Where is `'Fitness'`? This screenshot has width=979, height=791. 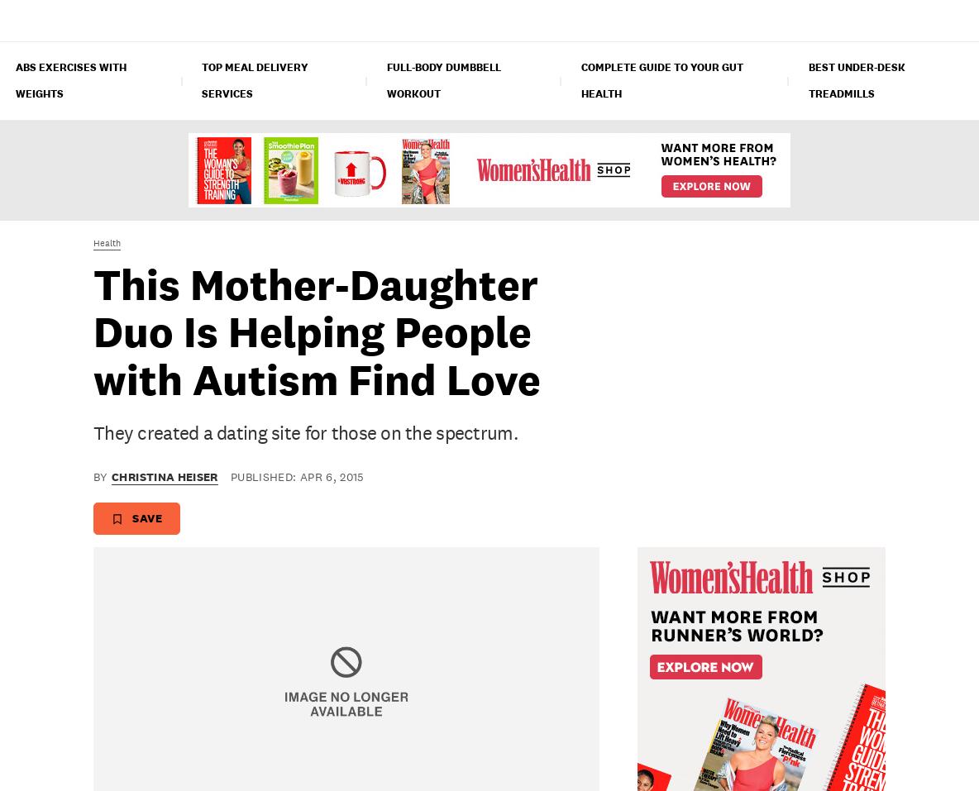
'Fitness' is located at coordinates (253, 19).